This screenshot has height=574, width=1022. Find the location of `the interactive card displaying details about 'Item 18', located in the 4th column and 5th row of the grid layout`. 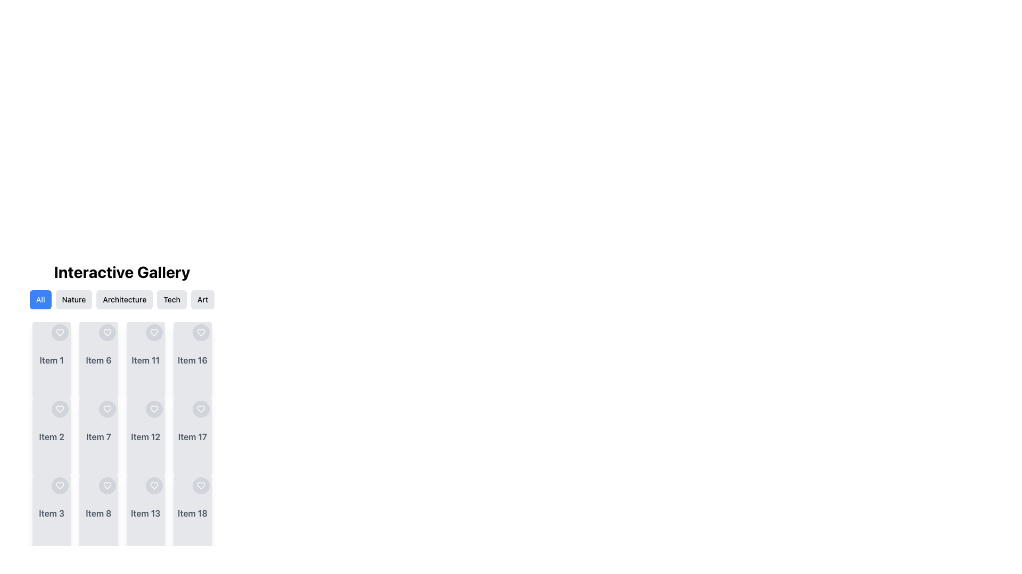

the interactive card displaying details about 'Item 18', located in the 4th column and 5th row of the grid layout is located at coordinates (192, 512).